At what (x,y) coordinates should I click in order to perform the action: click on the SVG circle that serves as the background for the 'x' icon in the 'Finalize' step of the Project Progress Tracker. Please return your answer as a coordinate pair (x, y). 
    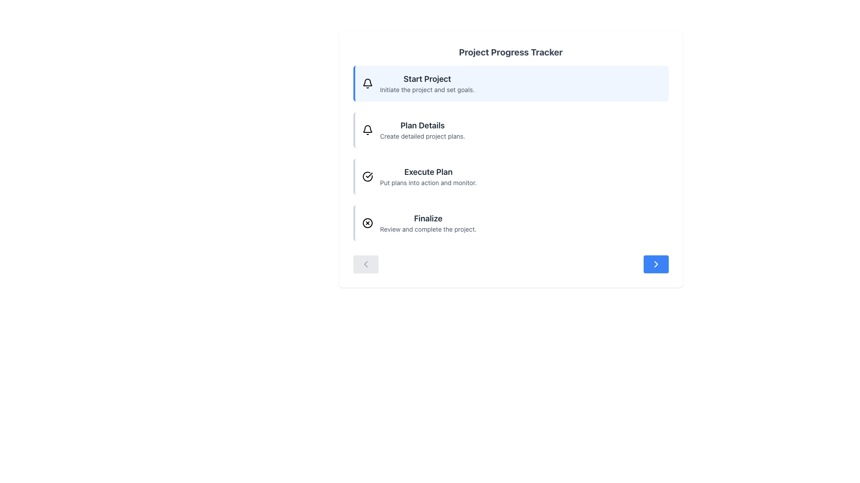
    Looking at the image, I should click on (367, 222).